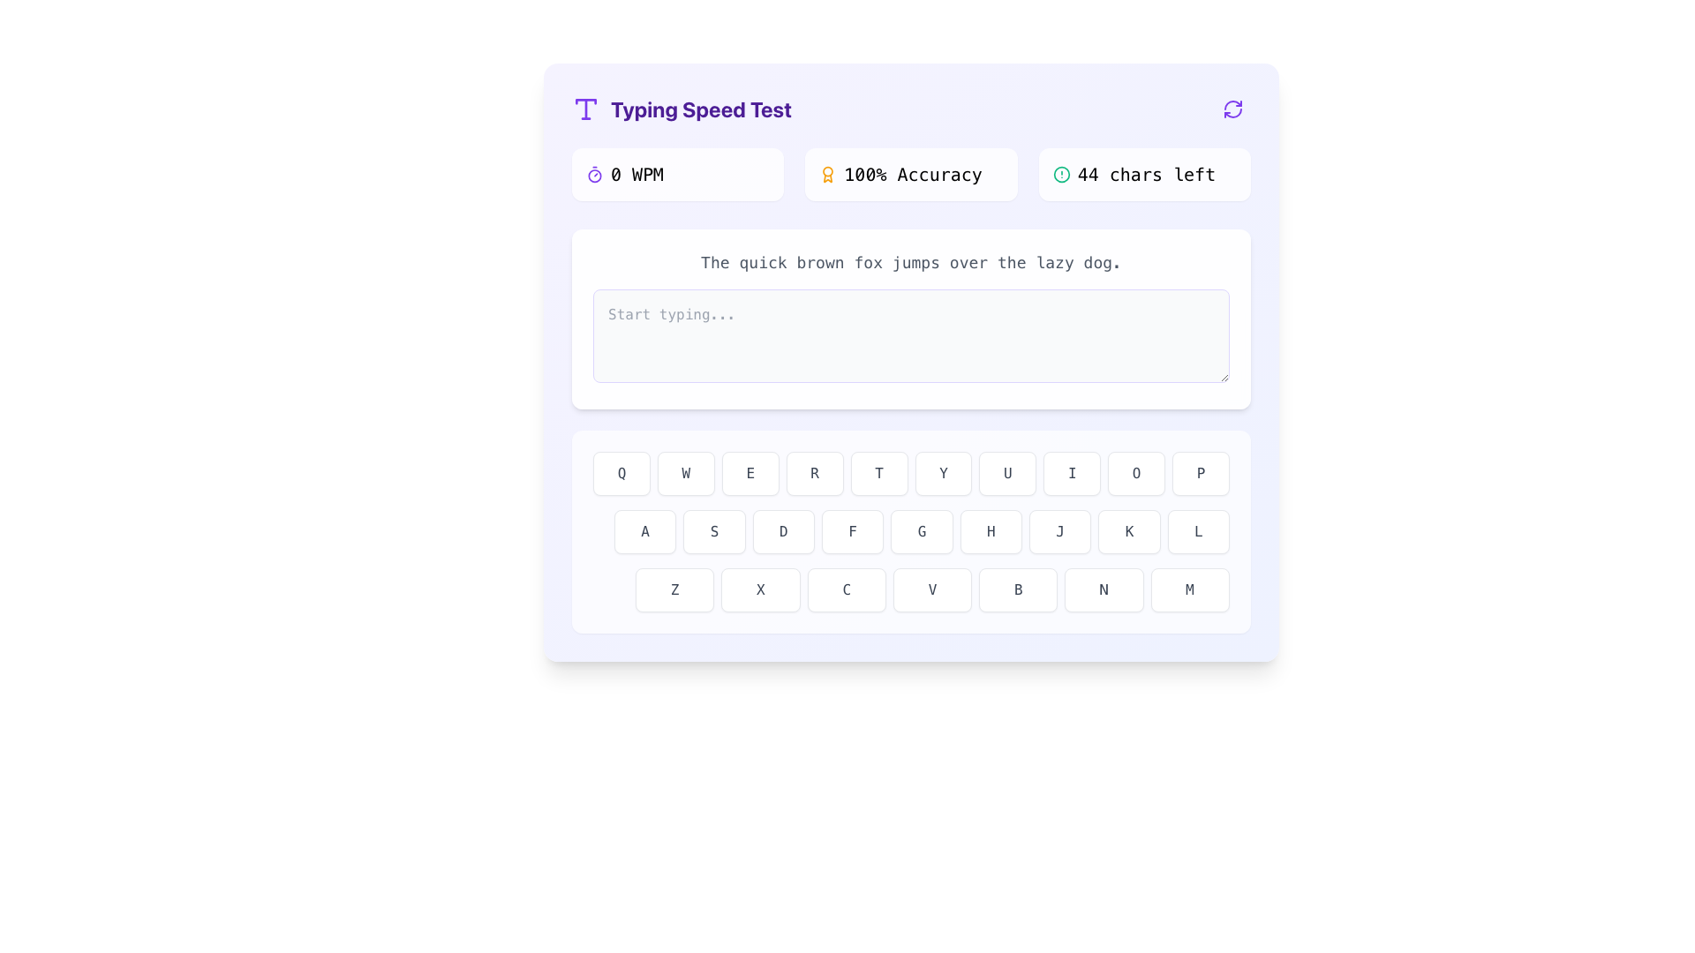 The width and height of the screenshot is (1695, 953). I want to click on the rounded rectangular button with a white background and gray border labeled 'P', so click(1201, 472).